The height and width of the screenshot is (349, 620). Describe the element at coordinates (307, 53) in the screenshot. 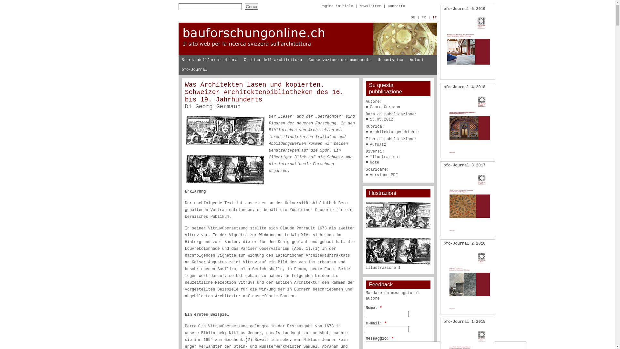

I see `'Home'` at that location.